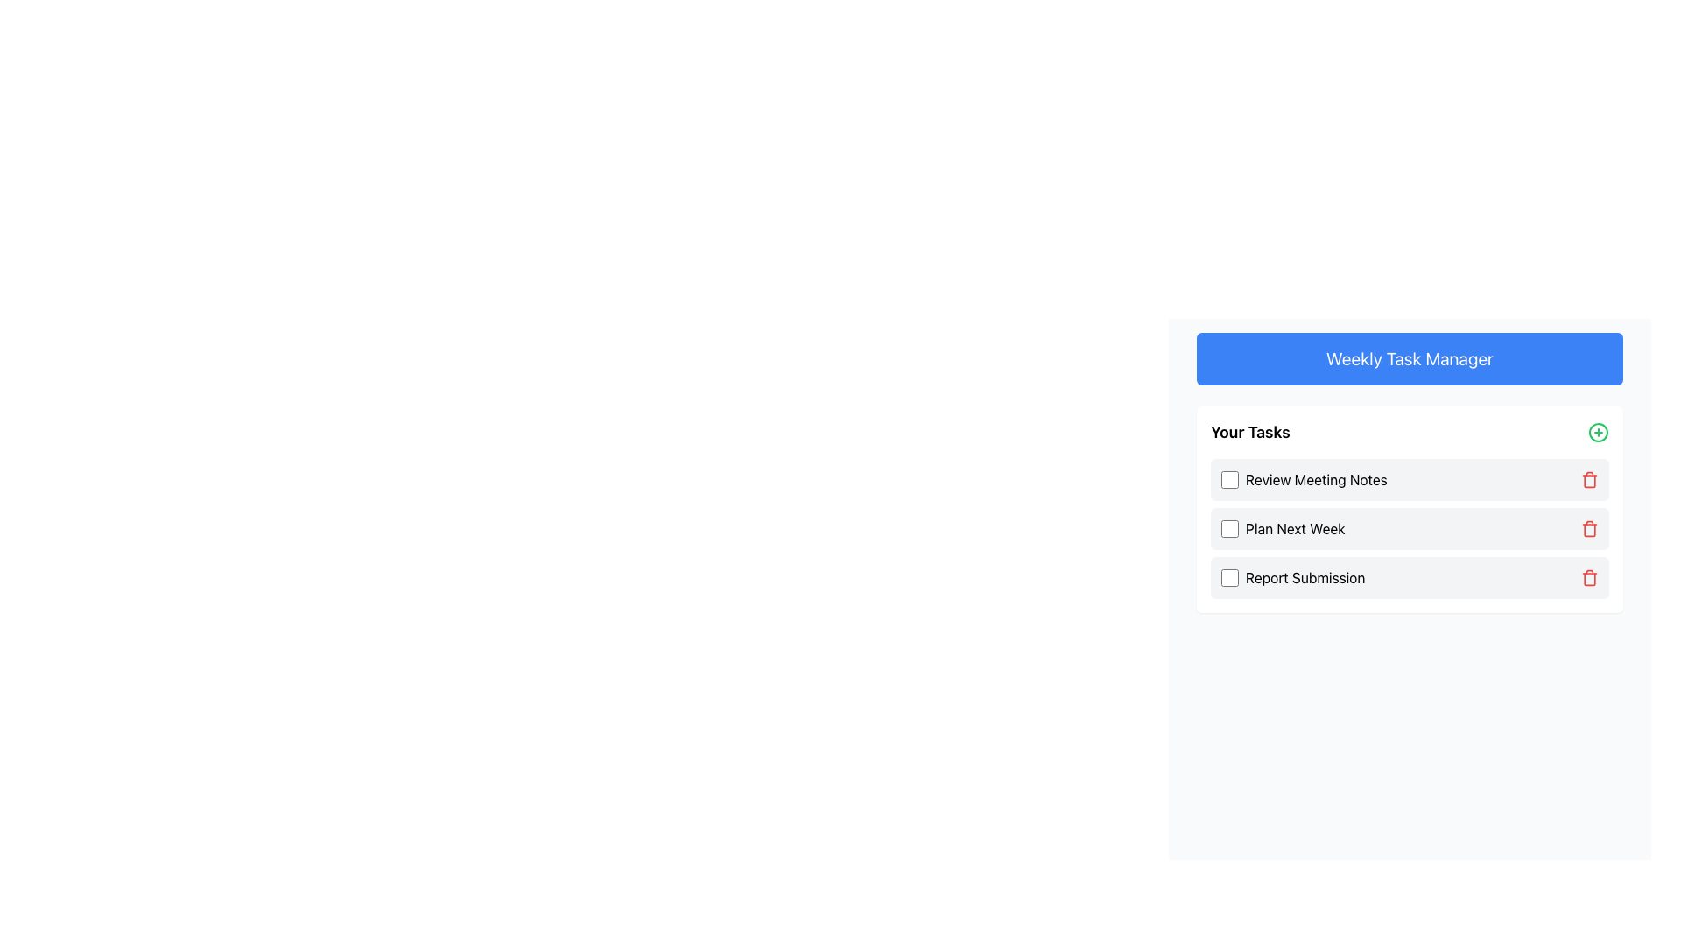 The width and height of the screenshot is (1681, 946). Describe the element at coordinates (1589, 529) in the screenshot. I see `the red trash can icon located at the far right of the 'Plan Next Week' row in the task list of the Weekly Task Manager interface` at that location.